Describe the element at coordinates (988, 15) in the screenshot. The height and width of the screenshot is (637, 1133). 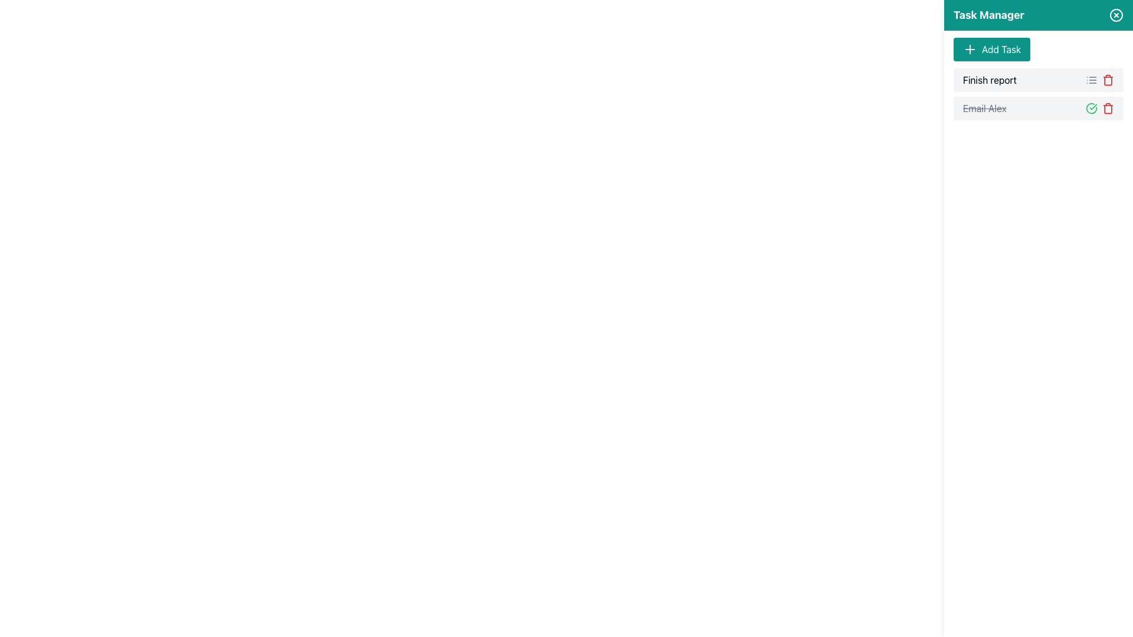
I see `the text label element labeled 'Task Manager' which is styled in a larger, bold font and located in the teal-colored header bar at the top of the interface` at that location.